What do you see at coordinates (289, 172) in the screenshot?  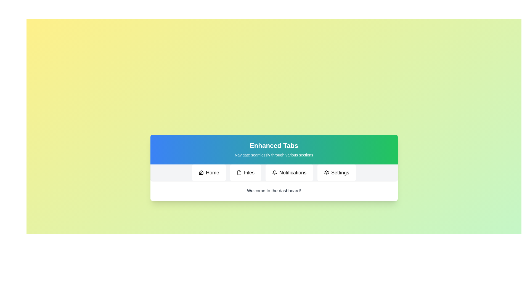 I see `the third tab in the horizontal tab bar` at bounding box center [289, 172].